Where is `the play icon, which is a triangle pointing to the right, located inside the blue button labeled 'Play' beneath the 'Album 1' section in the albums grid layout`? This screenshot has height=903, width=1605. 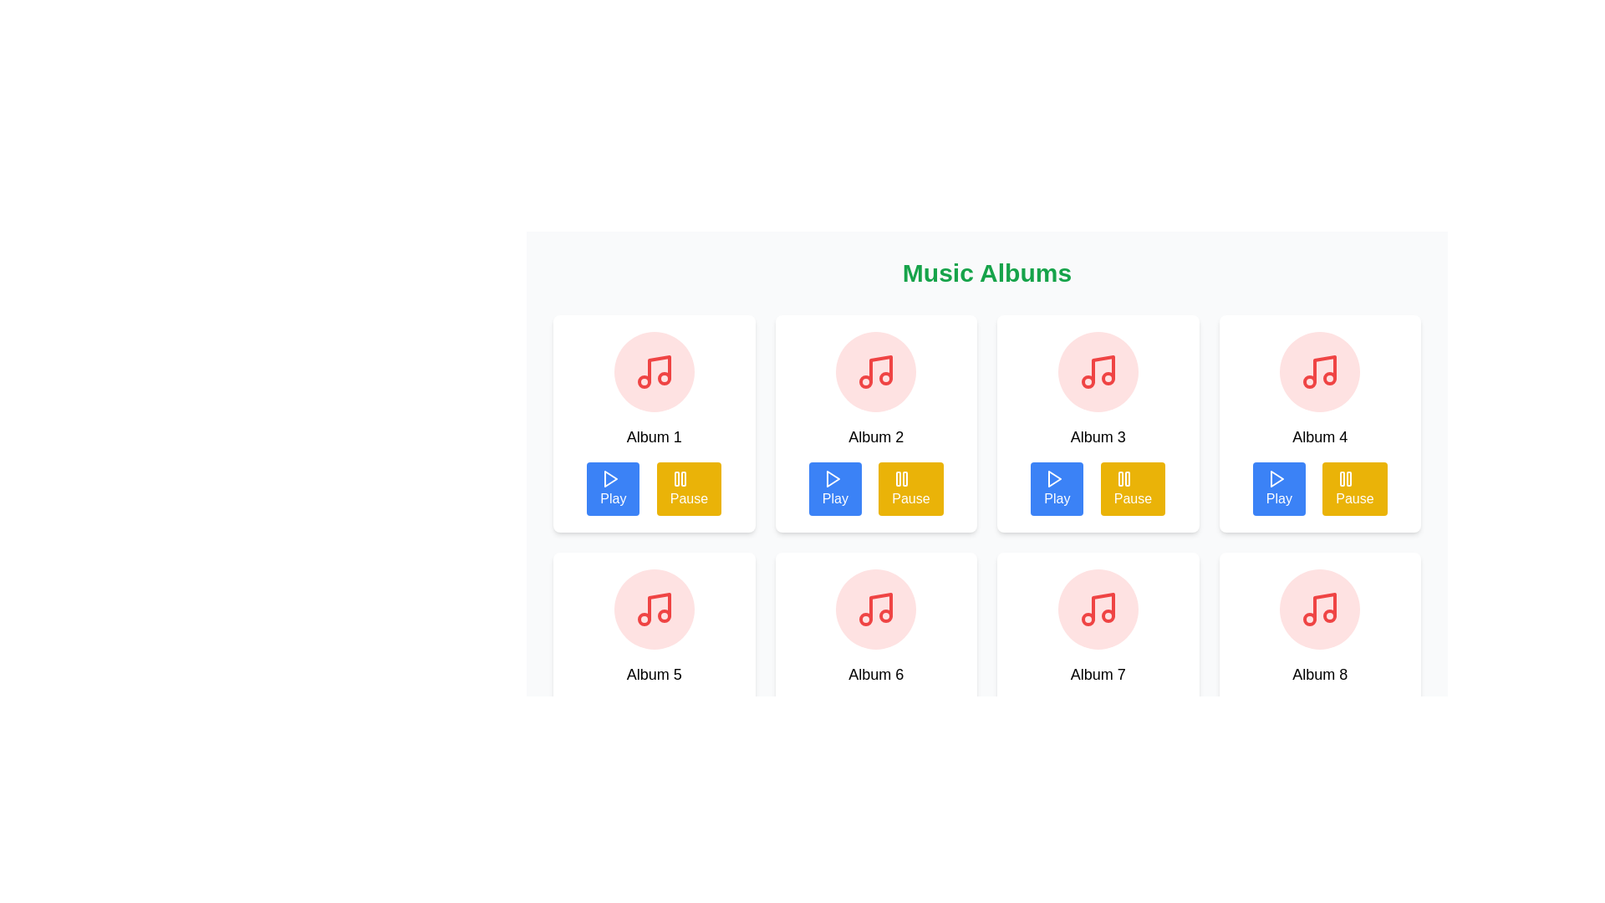 the play icon, which is a triangle pointing to the right, located inside the blue button labeled 'Play' beneath the 'Album 1' section in the albums grid layout is located at coordinates (609, 479).